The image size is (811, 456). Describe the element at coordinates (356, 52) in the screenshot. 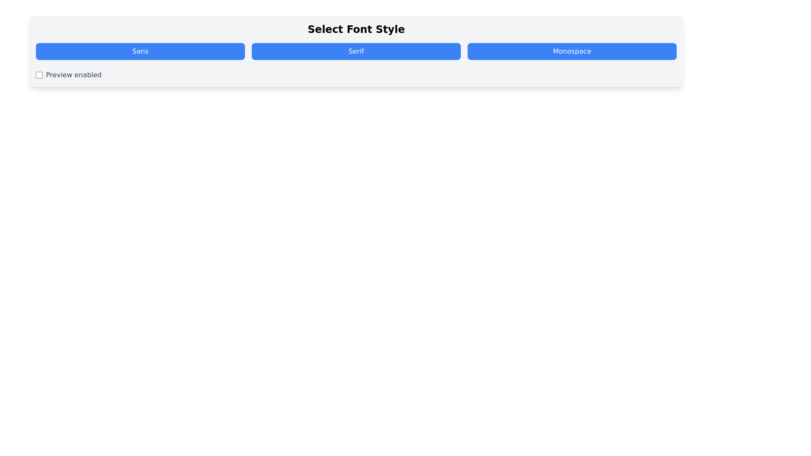

I see `the blue button labeled 'Serif' with rounded corners and white text` at that location.